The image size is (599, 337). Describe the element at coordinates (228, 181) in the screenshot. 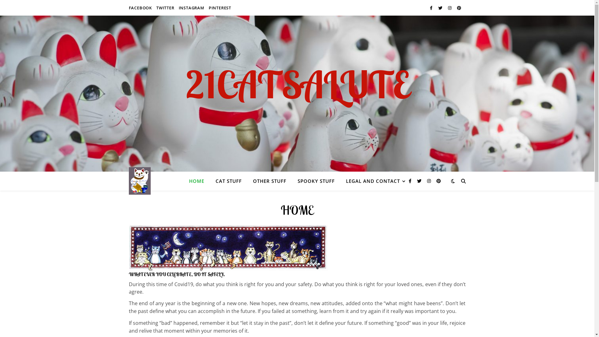

I see `'CAT STUFF'` at that location.